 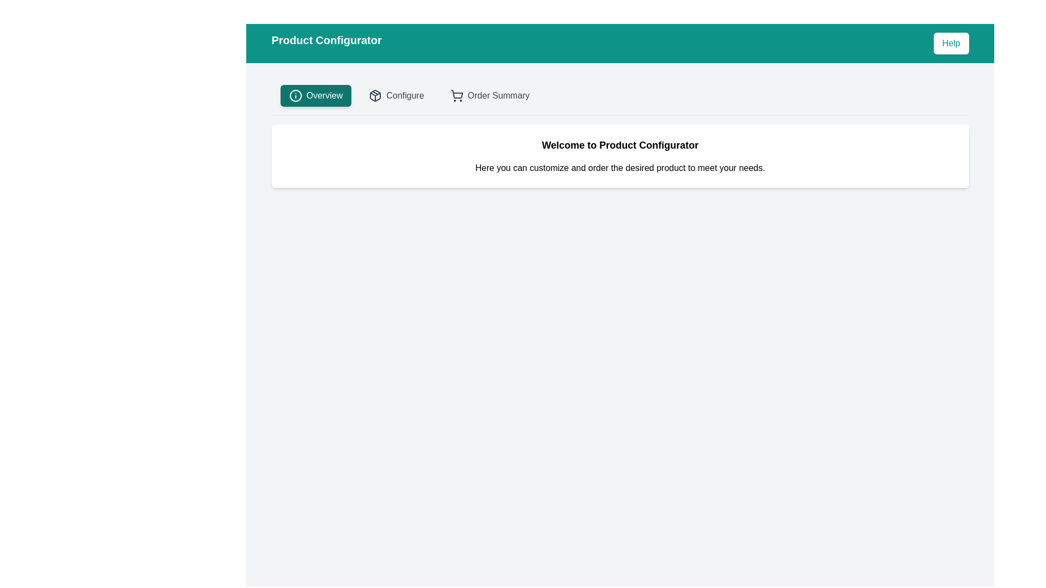 I want to click on the help button located at the top-right corner of the page header, next to the 'Product Configurator' title, so click(x=951, y=43).